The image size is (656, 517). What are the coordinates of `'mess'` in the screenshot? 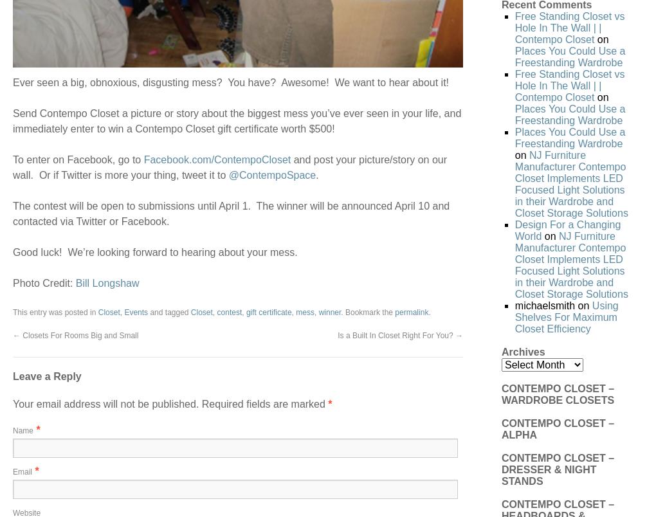 It's located at (295, 311).